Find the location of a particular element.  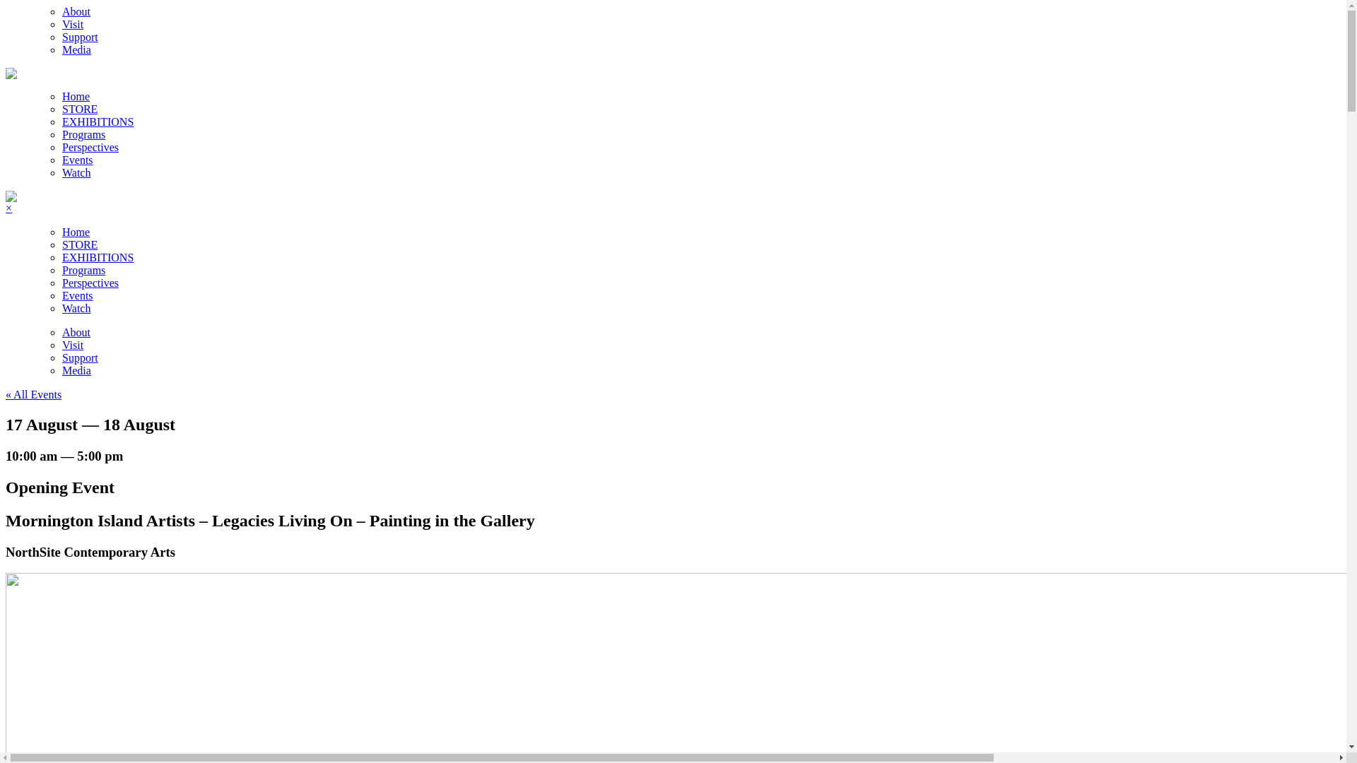

'EXHIBITIONS' is located at coordinates (97, 121).